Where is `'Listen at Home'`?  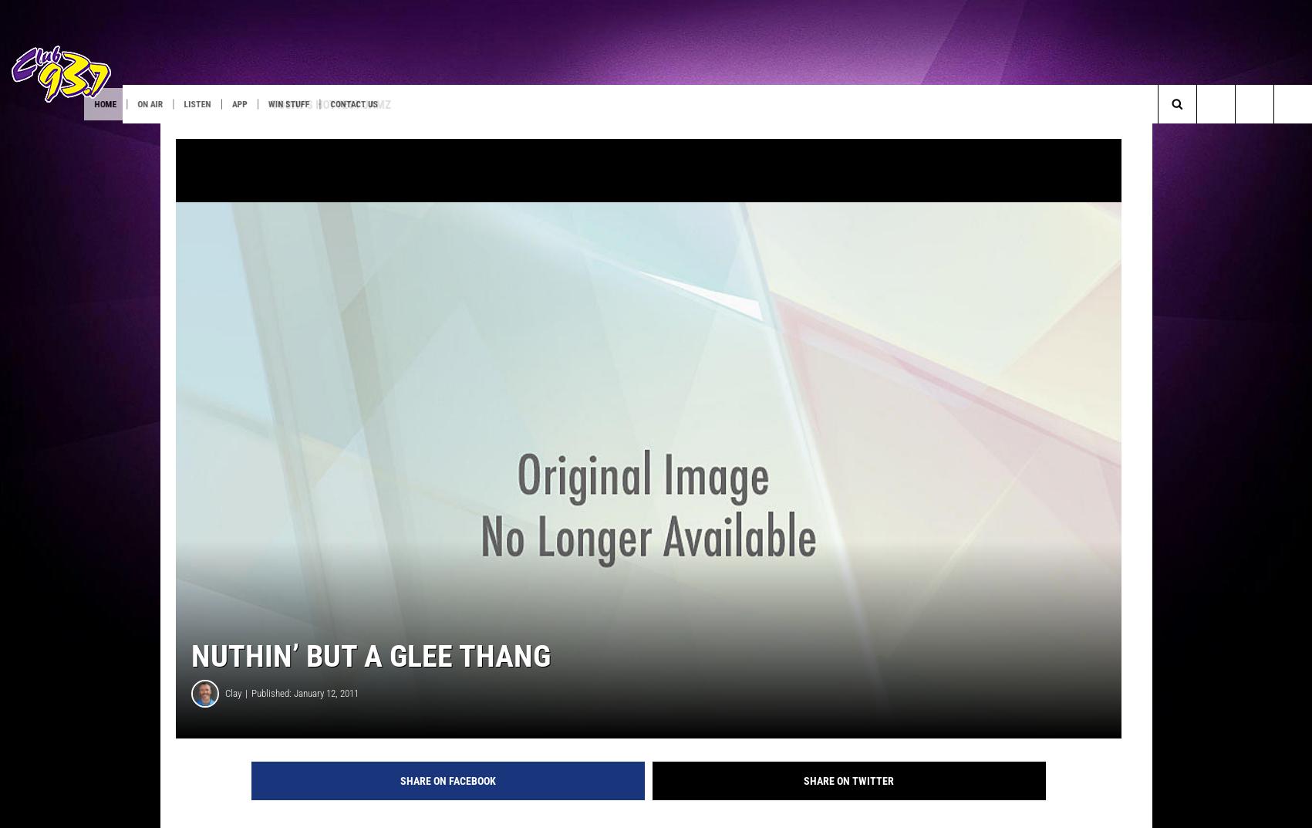
'Listen at Home' is located at coordinates (287, 134).